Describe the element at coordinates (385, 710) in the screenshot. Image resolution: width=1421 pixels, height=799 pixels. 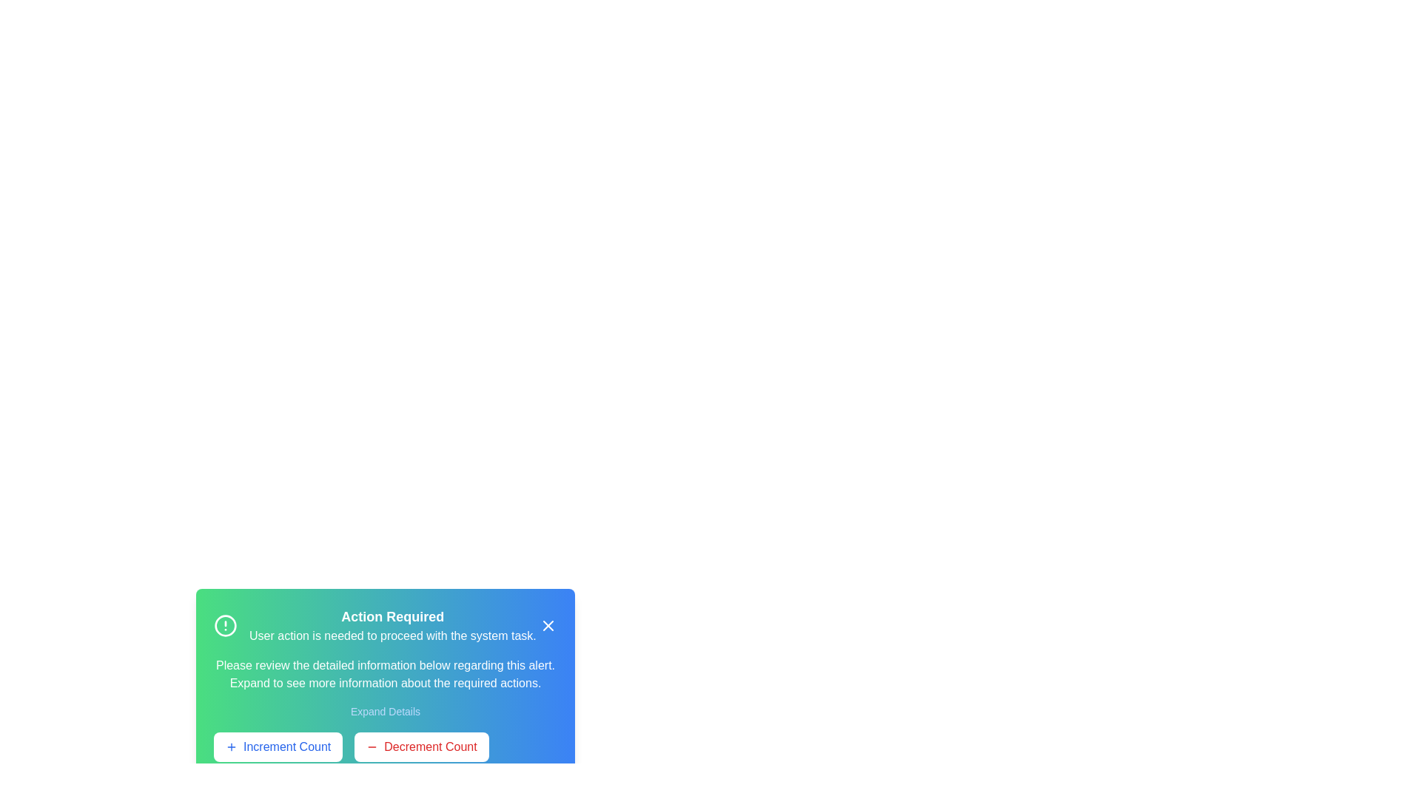
I see `the 'Expand Details' button to toggle the detailed message visibility` at that location.